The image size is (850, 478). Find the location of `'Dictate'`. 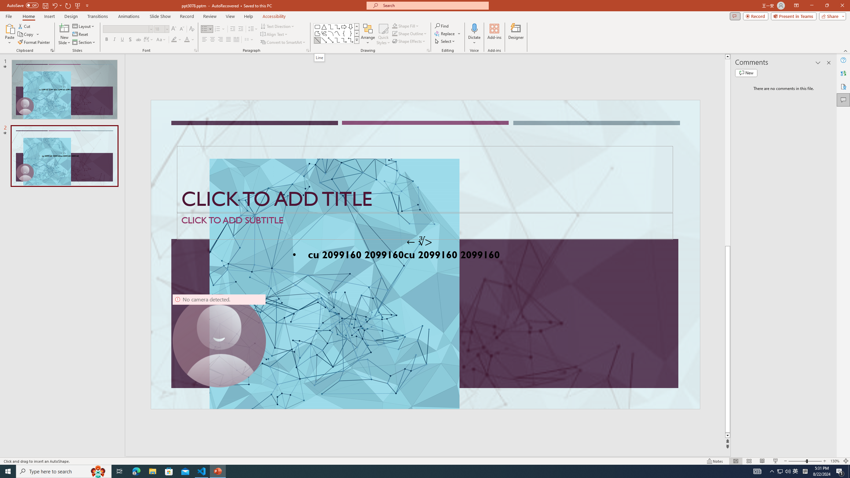

'Dictate' is located at coordinates (474, 28).